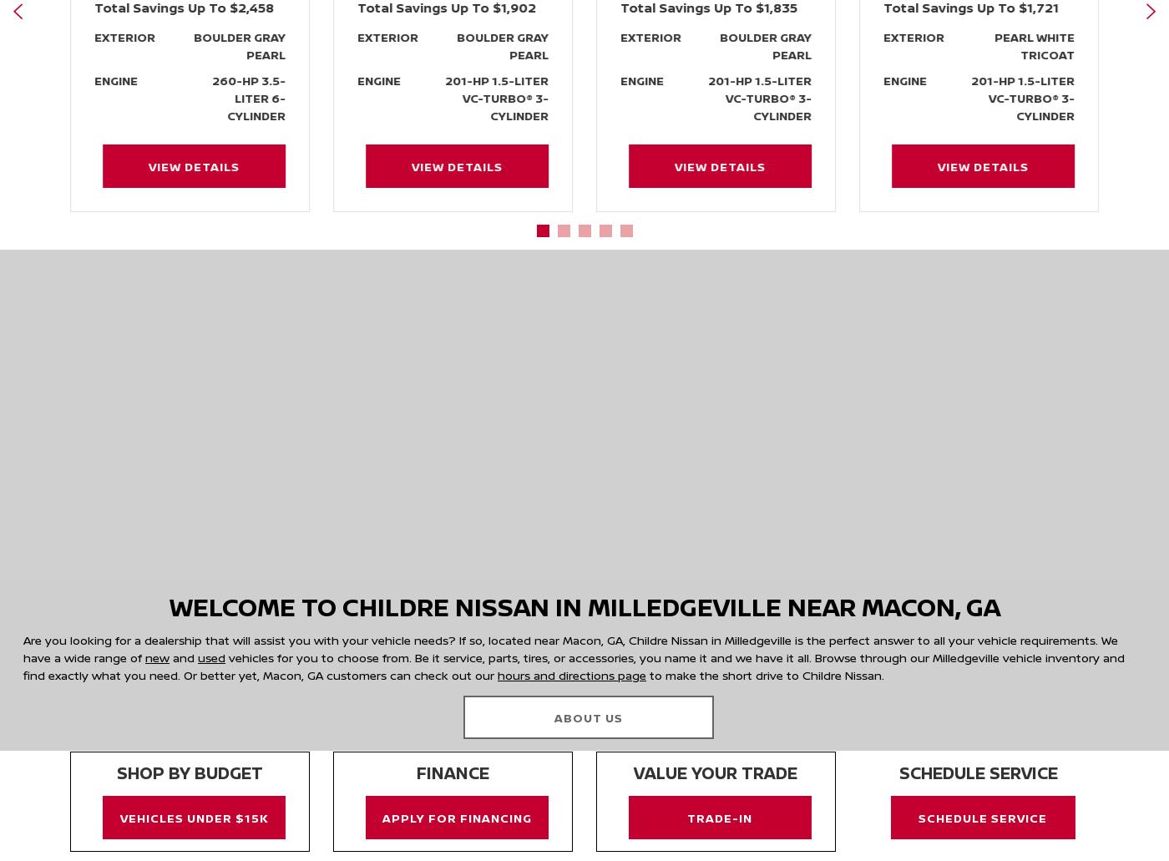  What do you see at coordinates (715, 772) in the screenshot?
I see `'Value your trade'` at bounding box center [715, 772].